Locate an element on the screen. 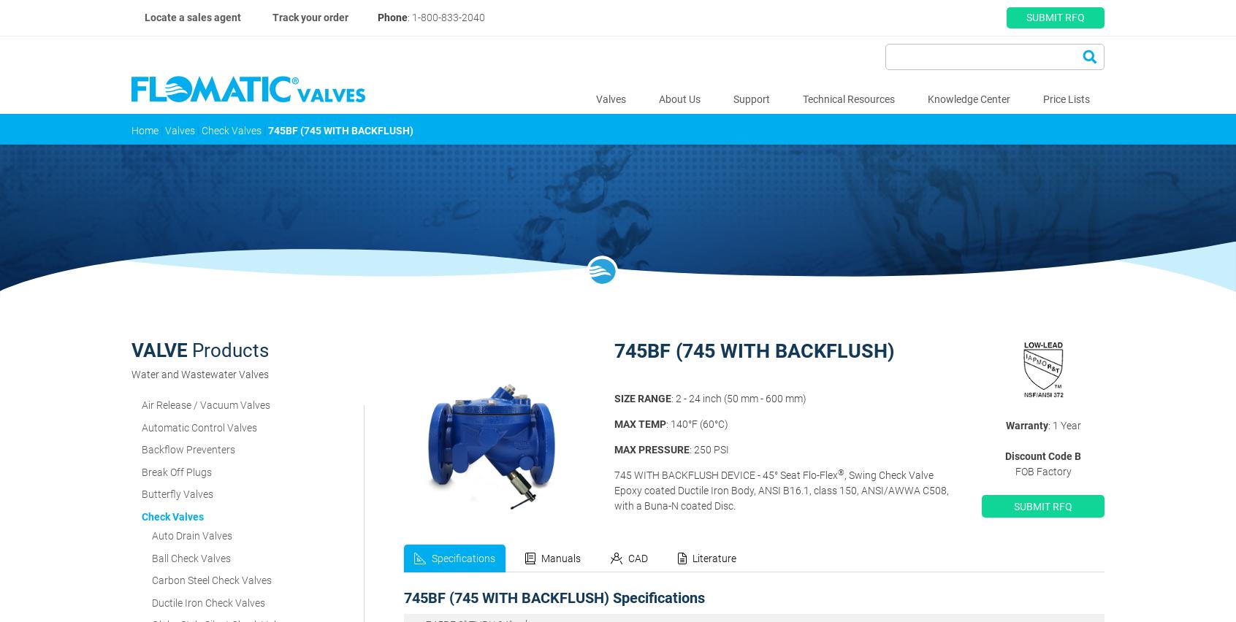  '40' is located at coordinates (759, 536).